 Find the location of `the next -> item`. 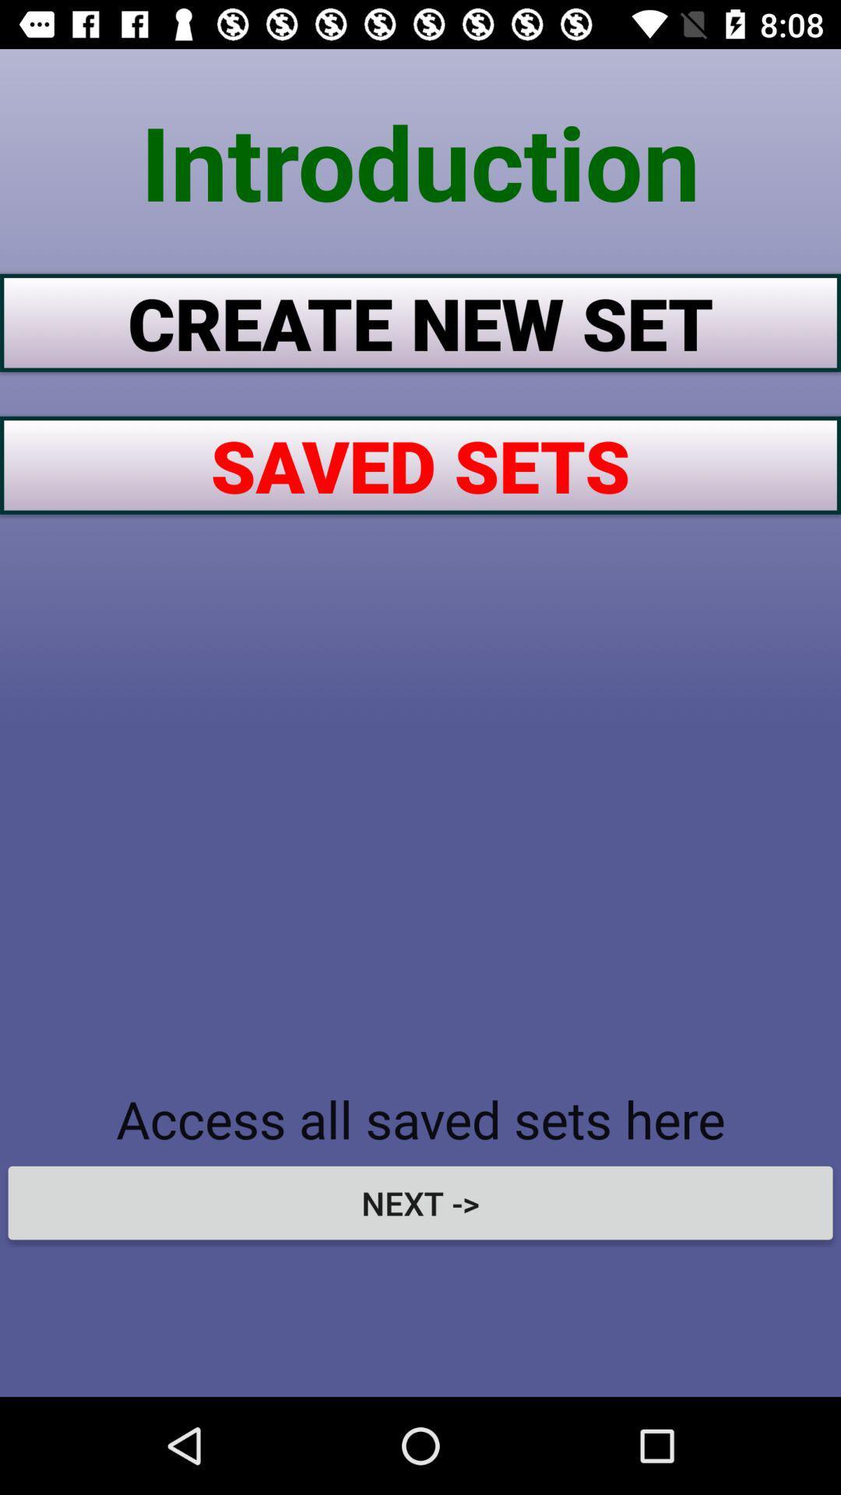

the next -> item is located at coordinates (420, 1202).